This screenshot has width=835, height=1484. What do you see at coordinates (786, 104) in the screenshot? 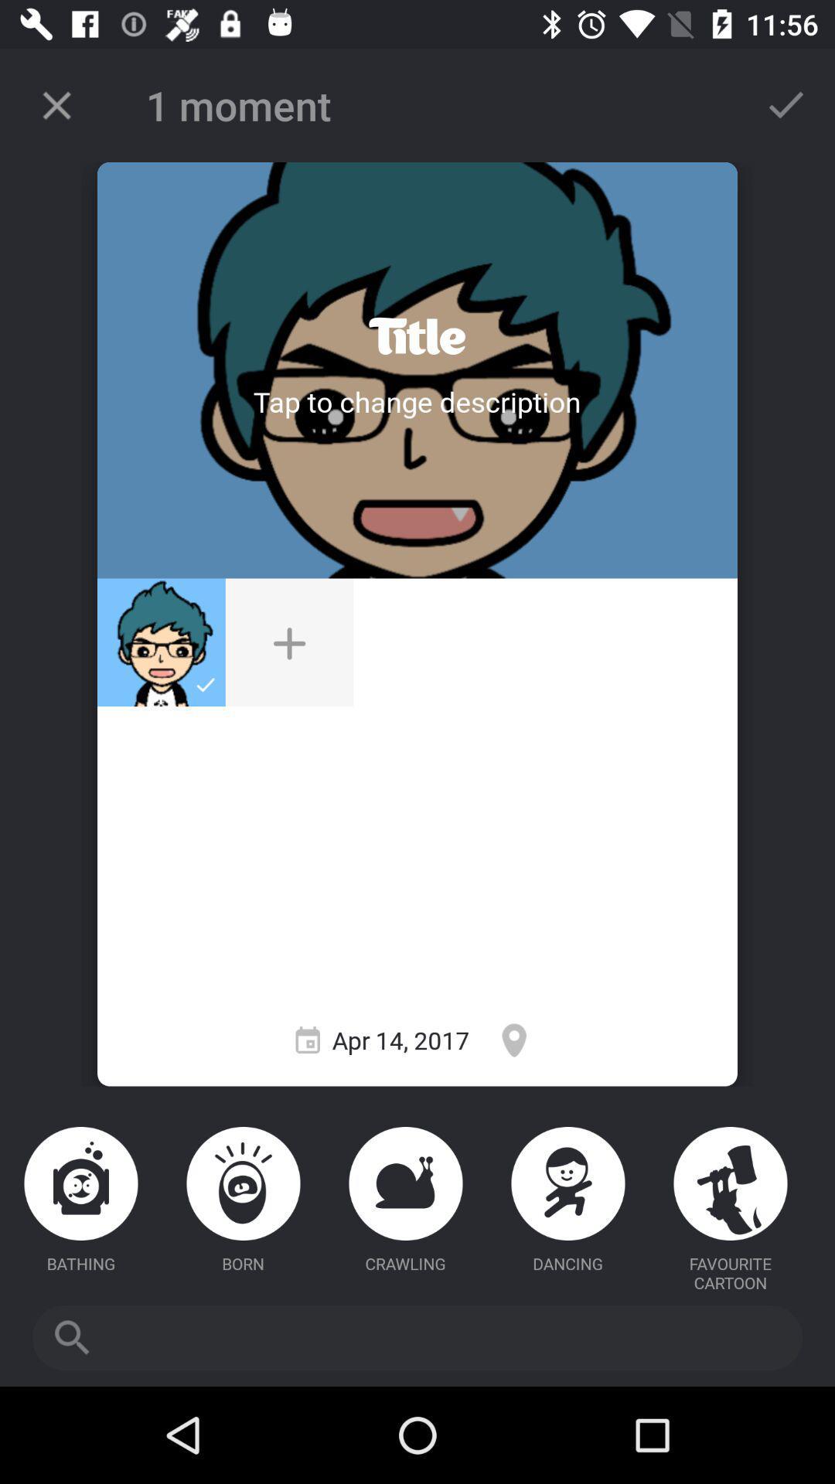
I see `approve` at bounding box center [786, 104].